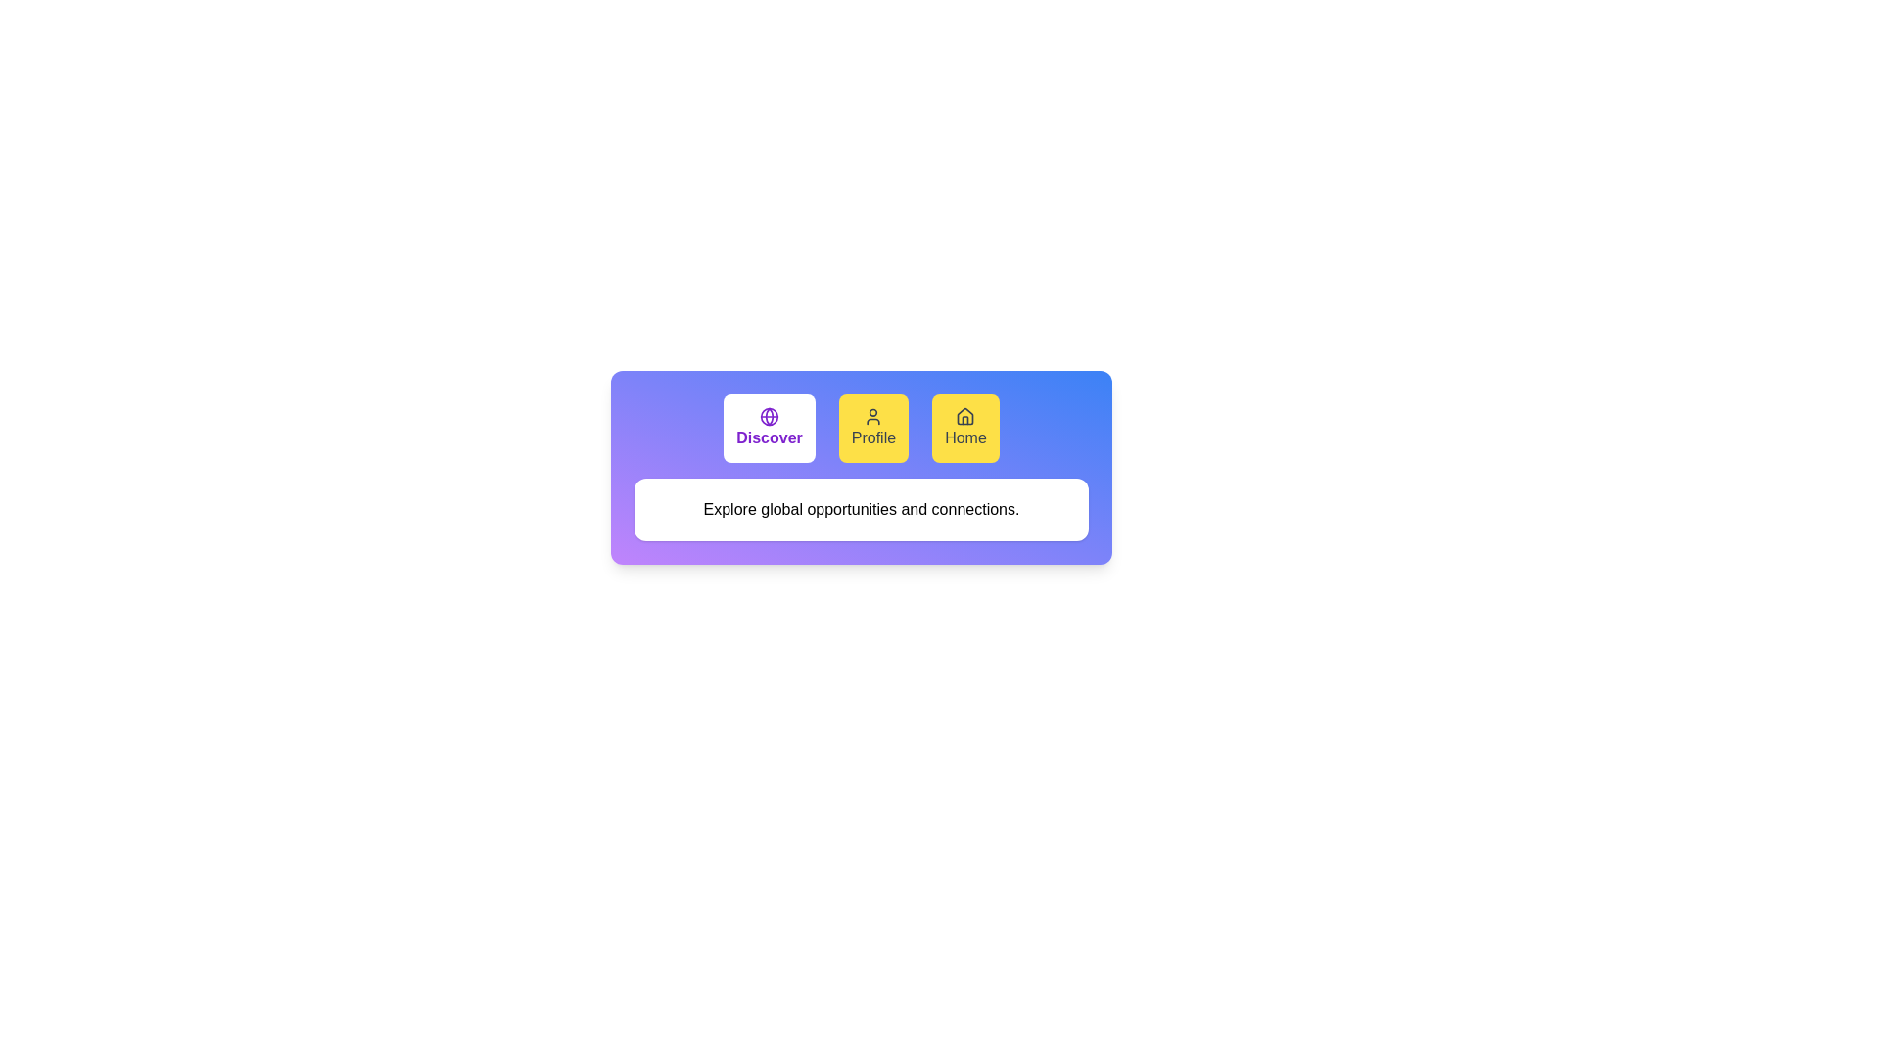 The height and width of the screenshot is (1057, 1880). I want to click on the 'Profile' button, which has a yellow background and gray text, so click(872, 428).